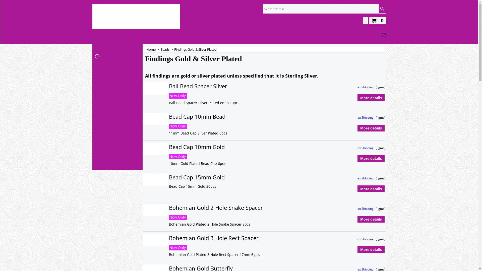 The image size is (482, 271). Describe the element at coordinates (366, 87) in the screenshot. I see `'ex Shipping'` at that location.